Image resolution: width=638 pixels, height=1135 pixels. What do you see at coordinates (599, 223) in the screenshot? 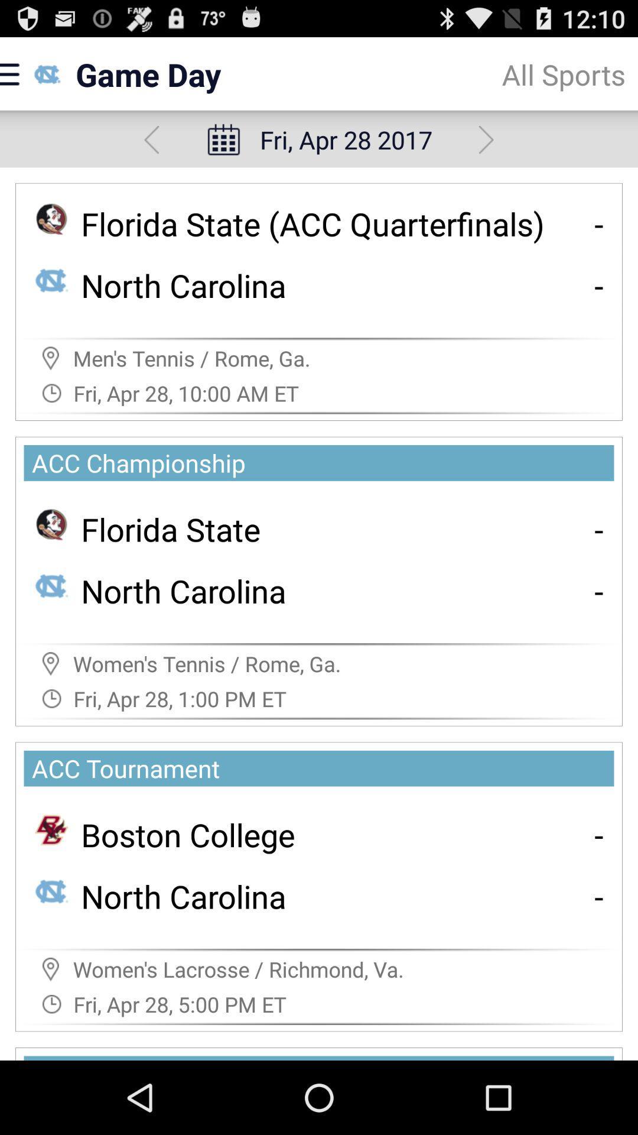
I see `- item` at bounding box center [599, 223].